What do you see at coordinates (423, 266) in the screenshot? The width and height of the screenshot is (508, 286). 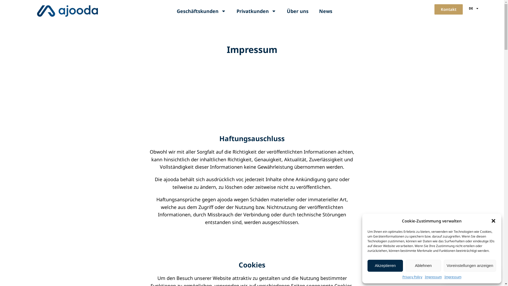 I see `'Ablehnen'` at bounding box center [423, 266].